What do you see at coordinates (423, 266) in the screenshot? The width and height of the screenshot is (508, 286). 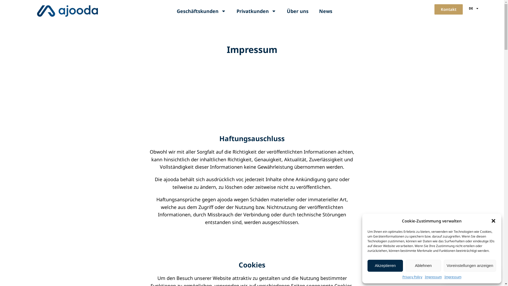 I see `'Ablehnen'` at bounding box center [423, 266].